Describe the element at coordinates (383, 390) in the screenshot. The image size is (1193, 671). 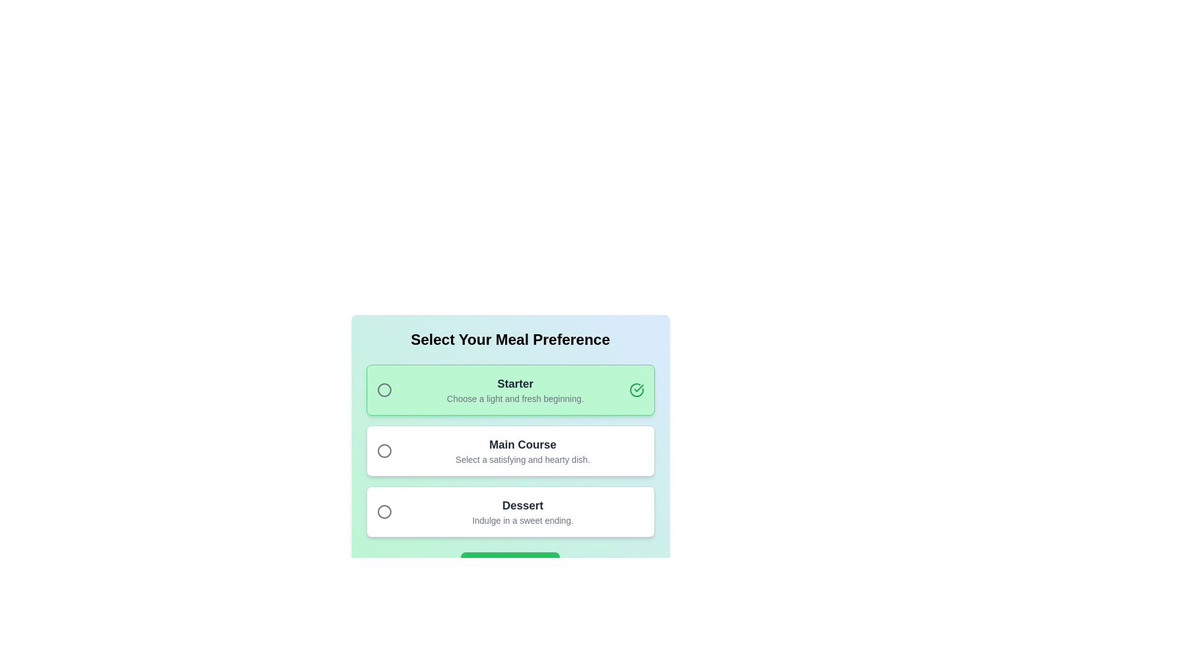
I see `the circular icon with a gray border located in the top-left corner of the green box labeled 'Starter'` at that location.